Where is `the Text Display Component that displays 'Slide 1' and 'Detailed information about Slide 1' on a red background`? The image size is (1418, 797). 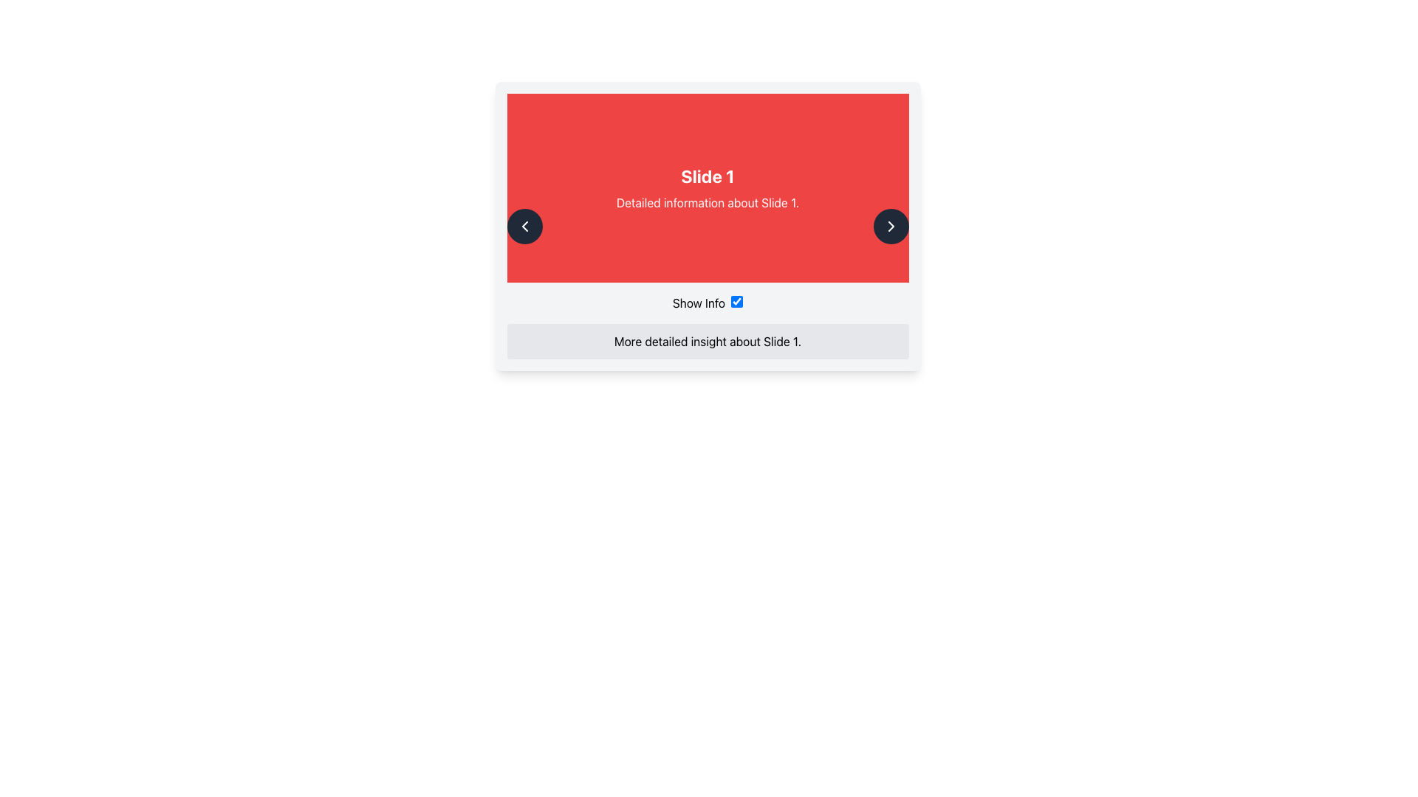 the Text Display Component that displays 'Slide 1' and 'Detailed information about Slide 1' on a red background is located at coordinates (707, 187).